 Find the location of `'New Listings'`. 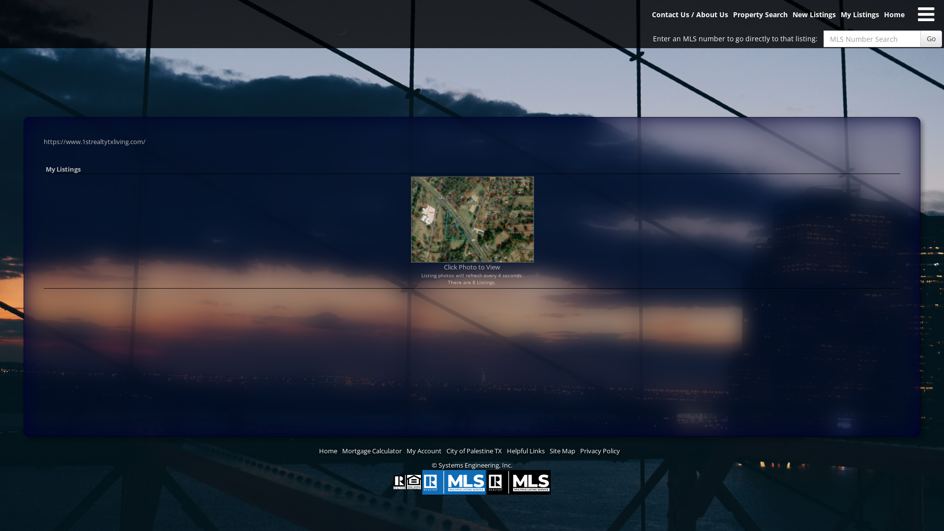

'New Listings' is located at coordinates (814, 18).